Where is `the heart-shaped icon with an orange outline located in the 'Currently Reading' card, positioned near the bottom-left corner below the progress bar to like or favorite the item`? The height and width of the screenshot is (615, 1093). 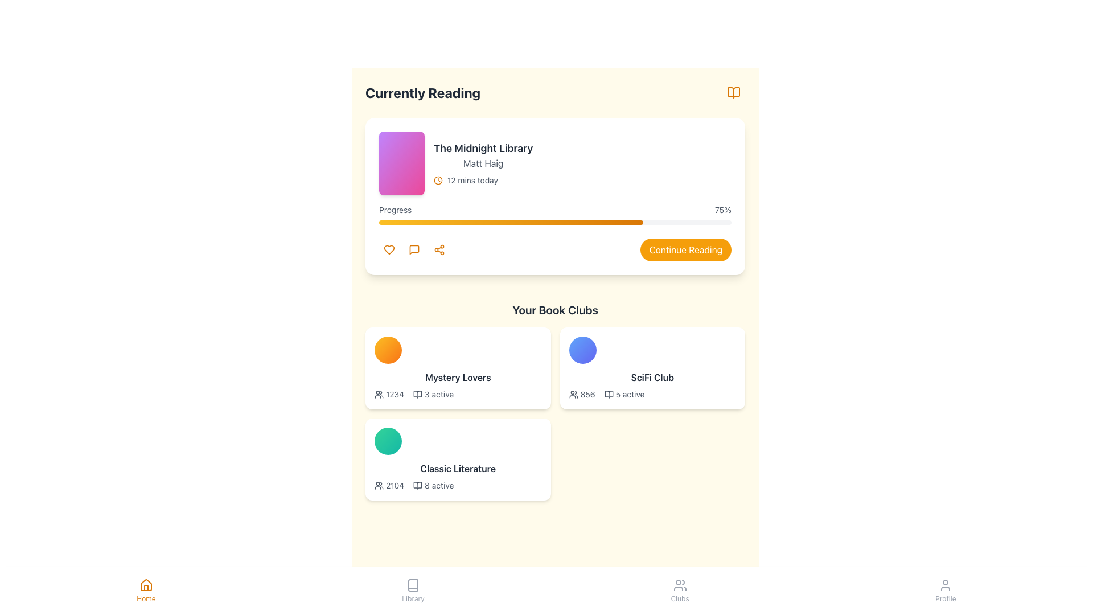
the heart-shaped icon with an orange outline located in the 'Currently Reading' card, positioned near the bottom-left corner below the progress bar to like or favorite the item is located at coordinates (389, 249).